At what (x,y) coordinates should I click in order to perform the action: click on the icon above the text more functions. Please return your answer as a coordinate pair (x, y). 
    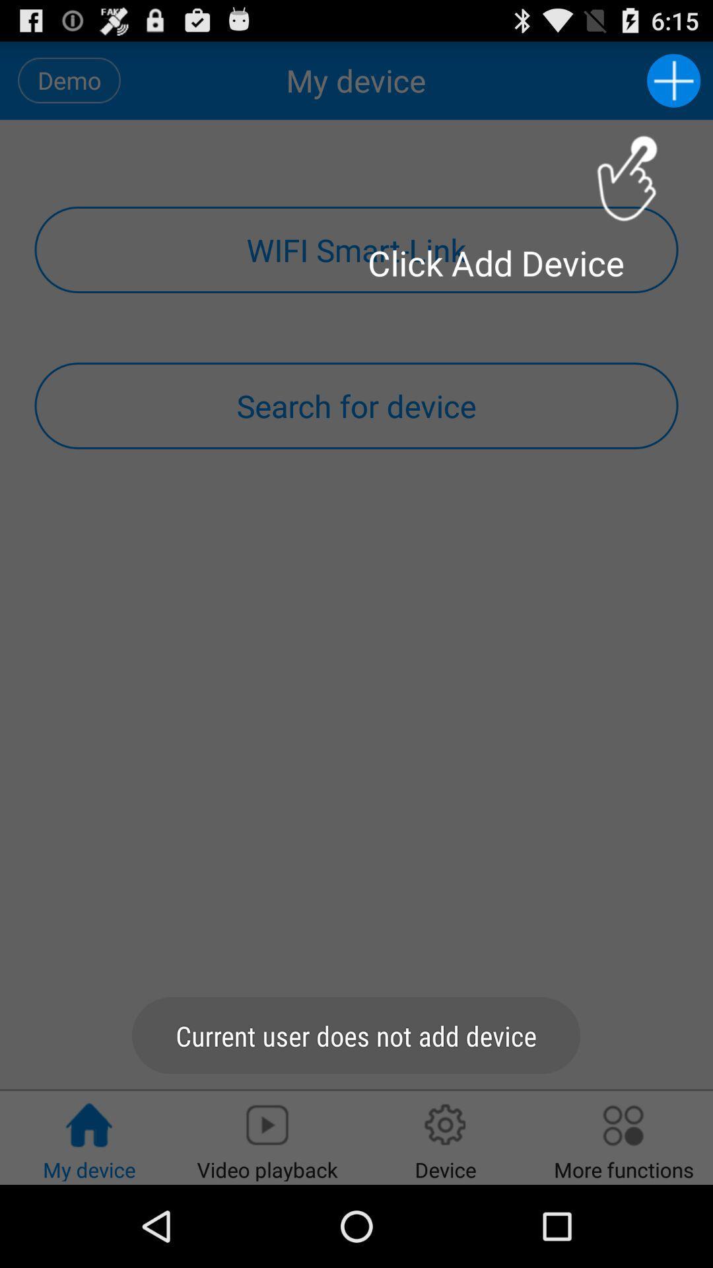
    Looking at the image, I should click on (624, 1125).